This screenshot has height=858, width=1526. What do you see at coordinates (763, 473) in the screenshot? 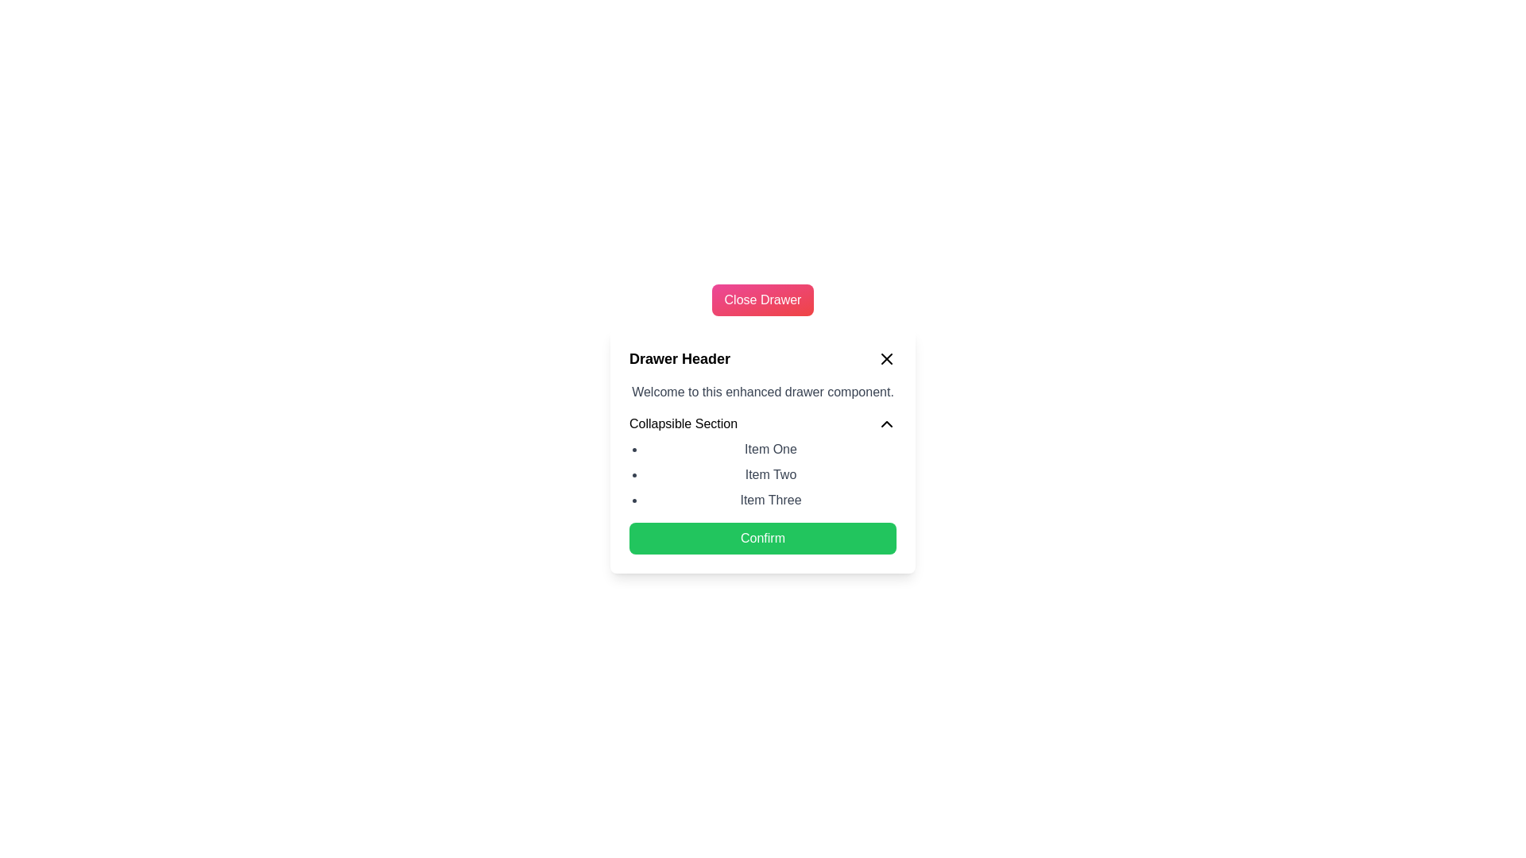
I see `any item in the unordered list containing 'Item One', 'Item Two', and 'Item Three' to observe tooltip or styling changes` at bounding box center [763, 473].